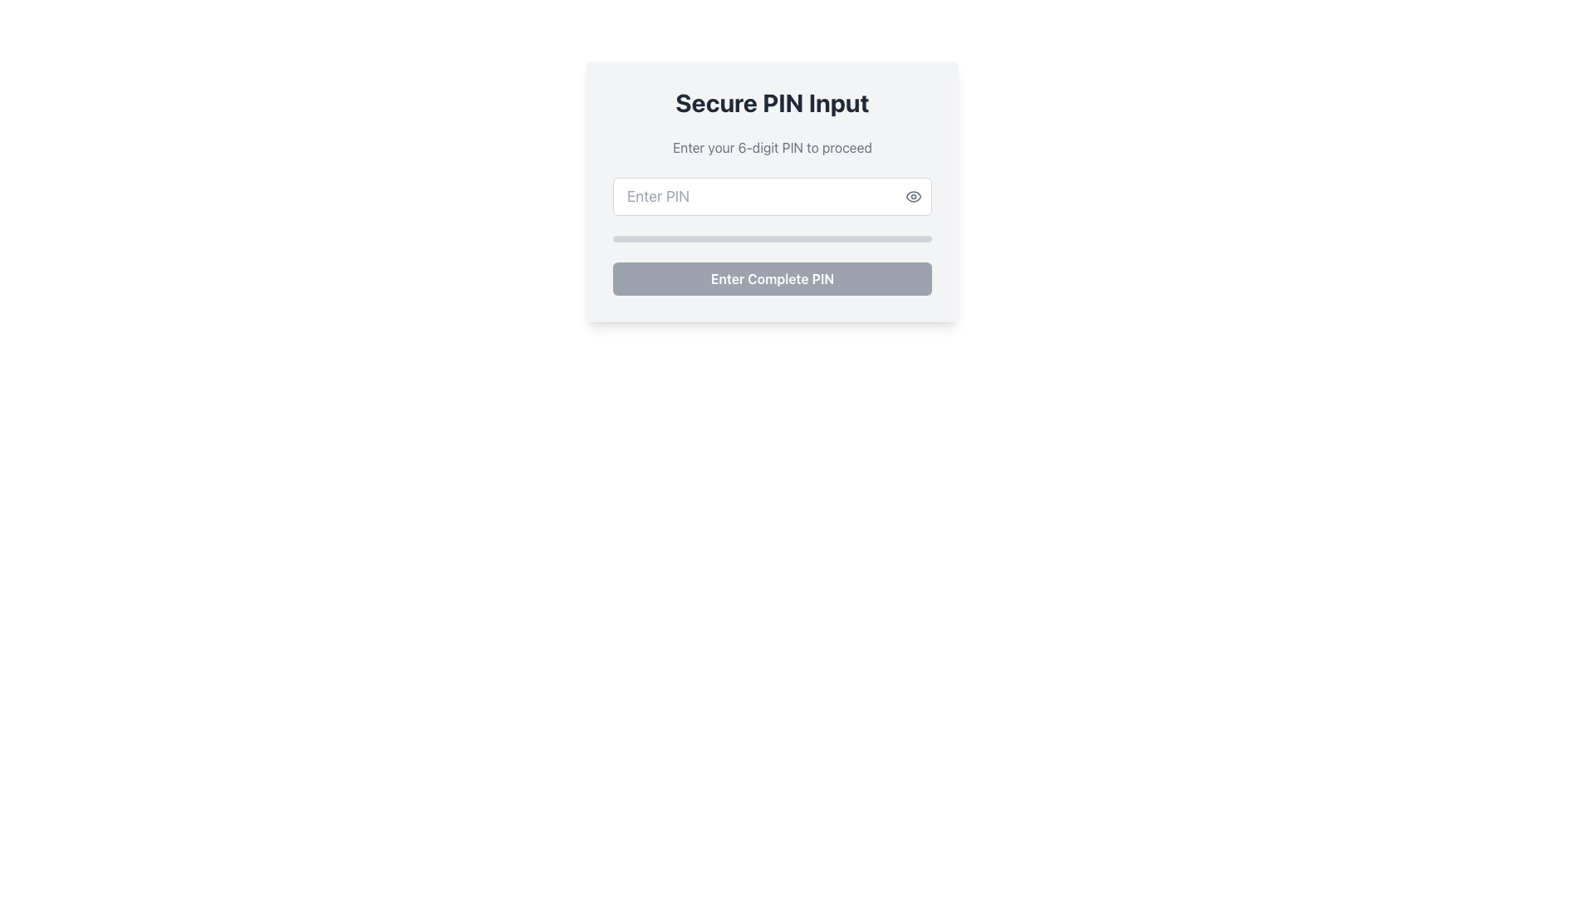 The width and height of the screenshot is (1595, 897). Describe the element at coordinates (912, 195) in the screenshot. I see `the outer contour segment of the eye icon located on the right side of the input box labeled 'Enter PIN'` at that location.